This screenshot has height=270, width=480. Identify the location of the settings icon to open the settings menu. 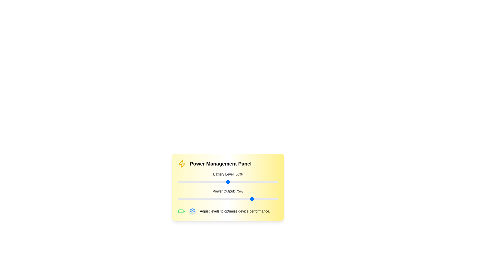
(192, 211).